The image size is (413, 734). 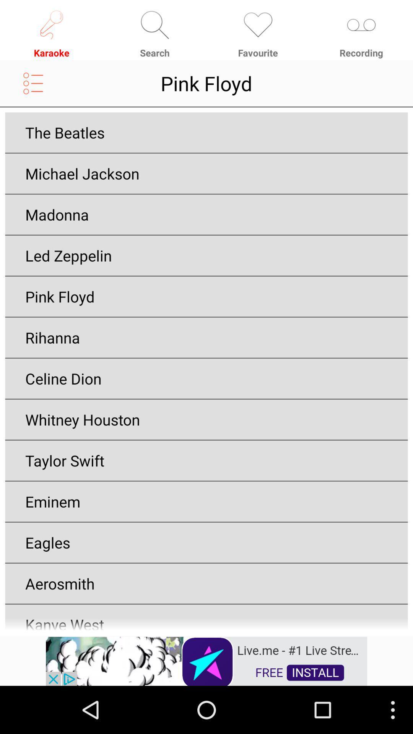 What do you see at coordinates (33, 89) in the screenshot?
I see `the list icon` at bounding box center [33, 89].